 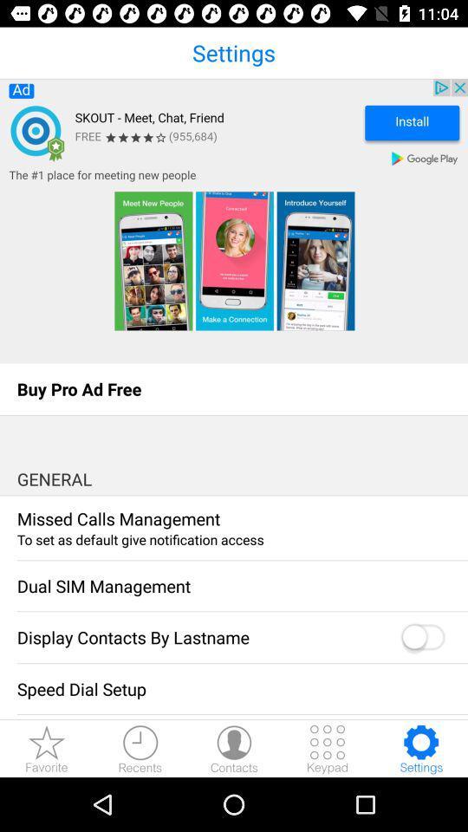 I want to click on recents icon in the bottom, so click(x=140, y=748).